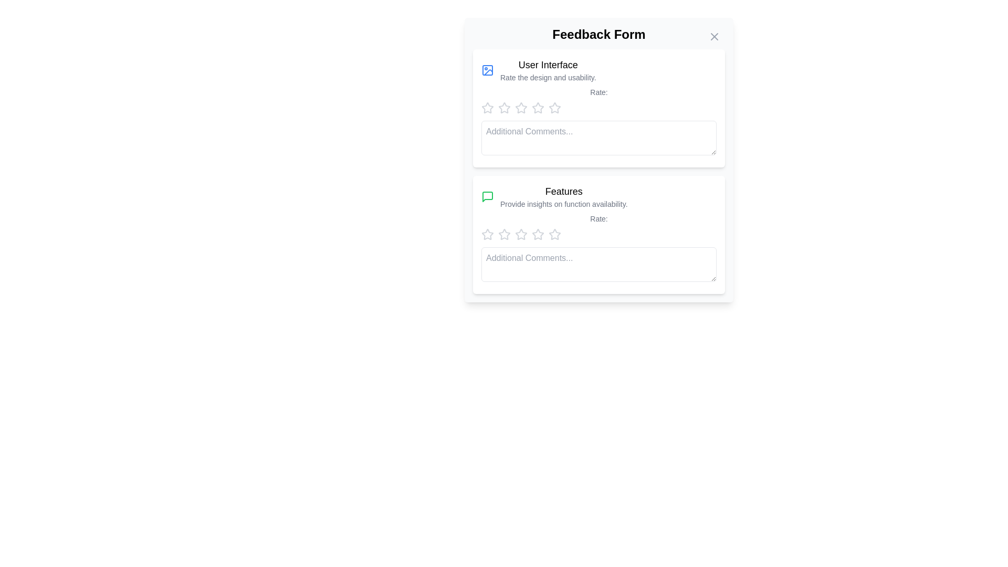  Describe the element at coordinates (548, 65) in the screenshot. I see `the 'User Interface' text label element located at the top-left corner of the rating section, which is bold and large, indicating it is a header` at that location.